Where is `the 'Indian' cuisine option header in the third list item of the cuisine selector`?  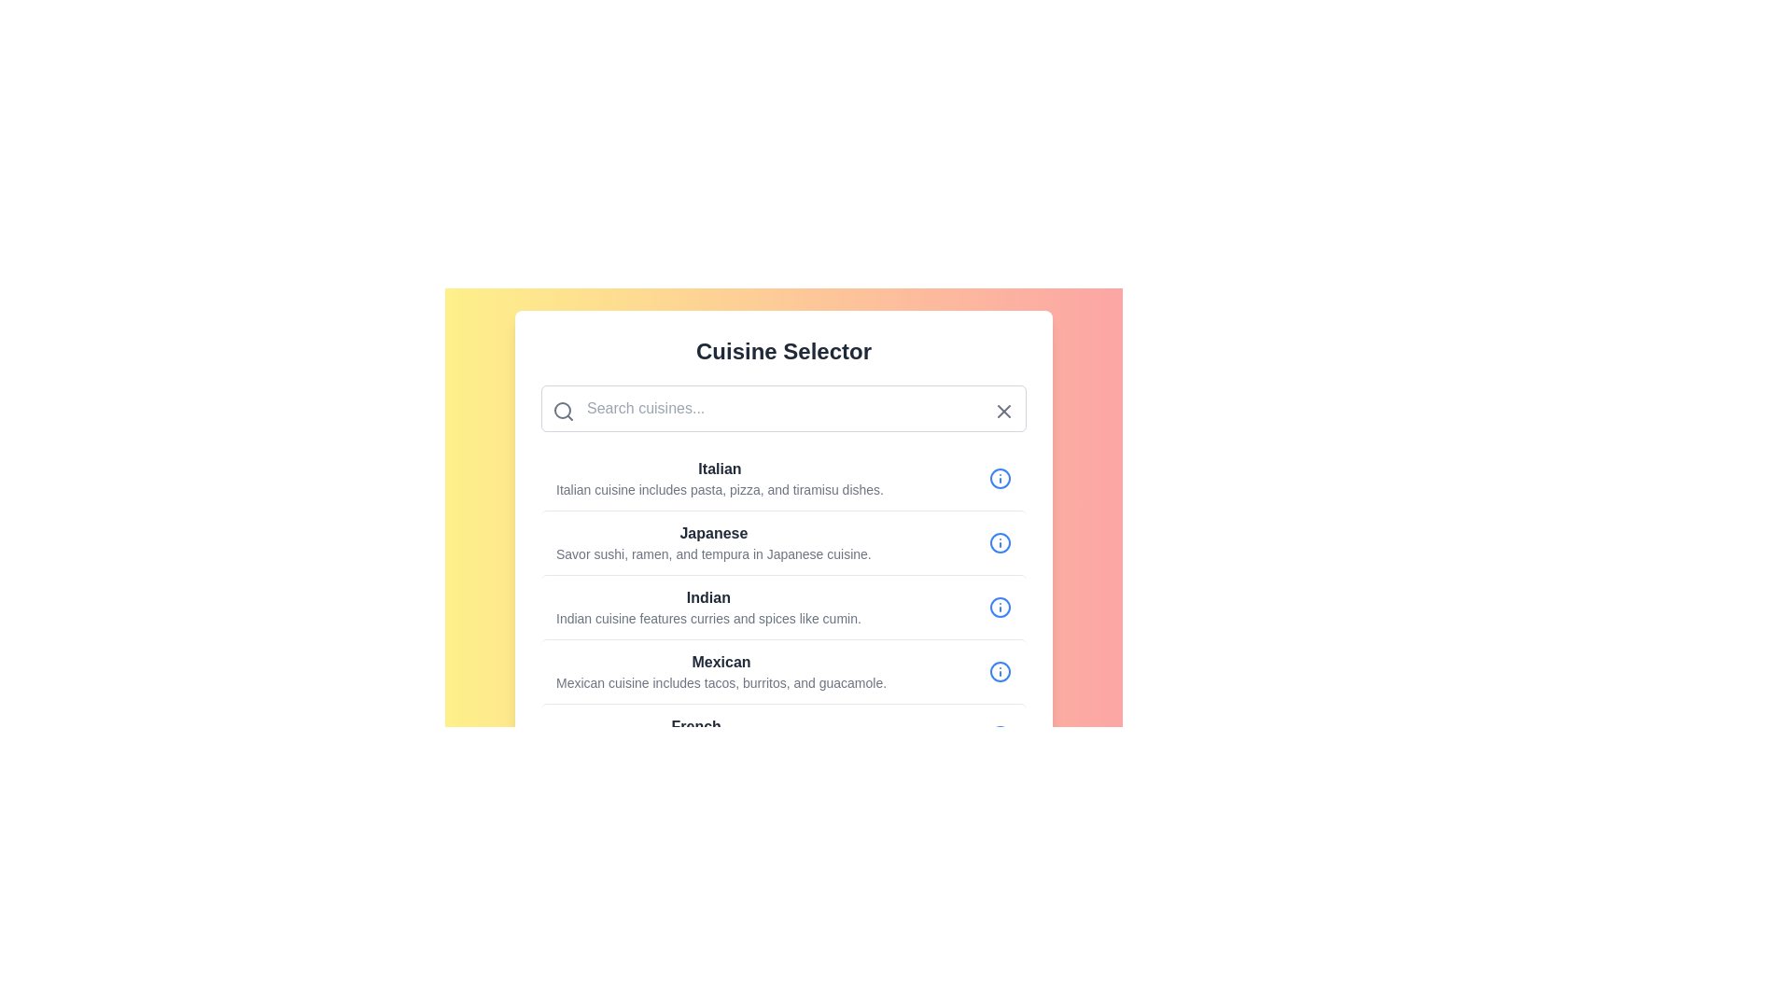 the 'Indian' cuisine option header in the third list item of the cuisine selector is located at coordinates (707, 597).